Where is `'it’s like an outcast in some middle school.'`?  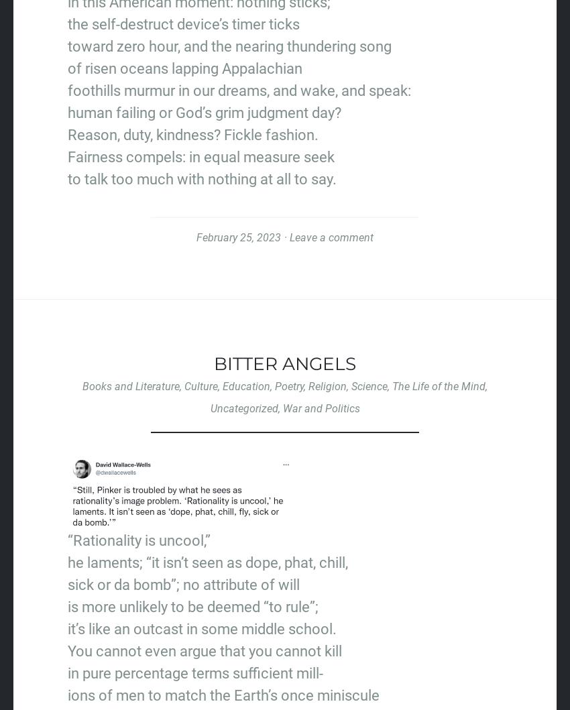
'it’s like an outcast in some middle school.' is located at coordinates (202, 628).